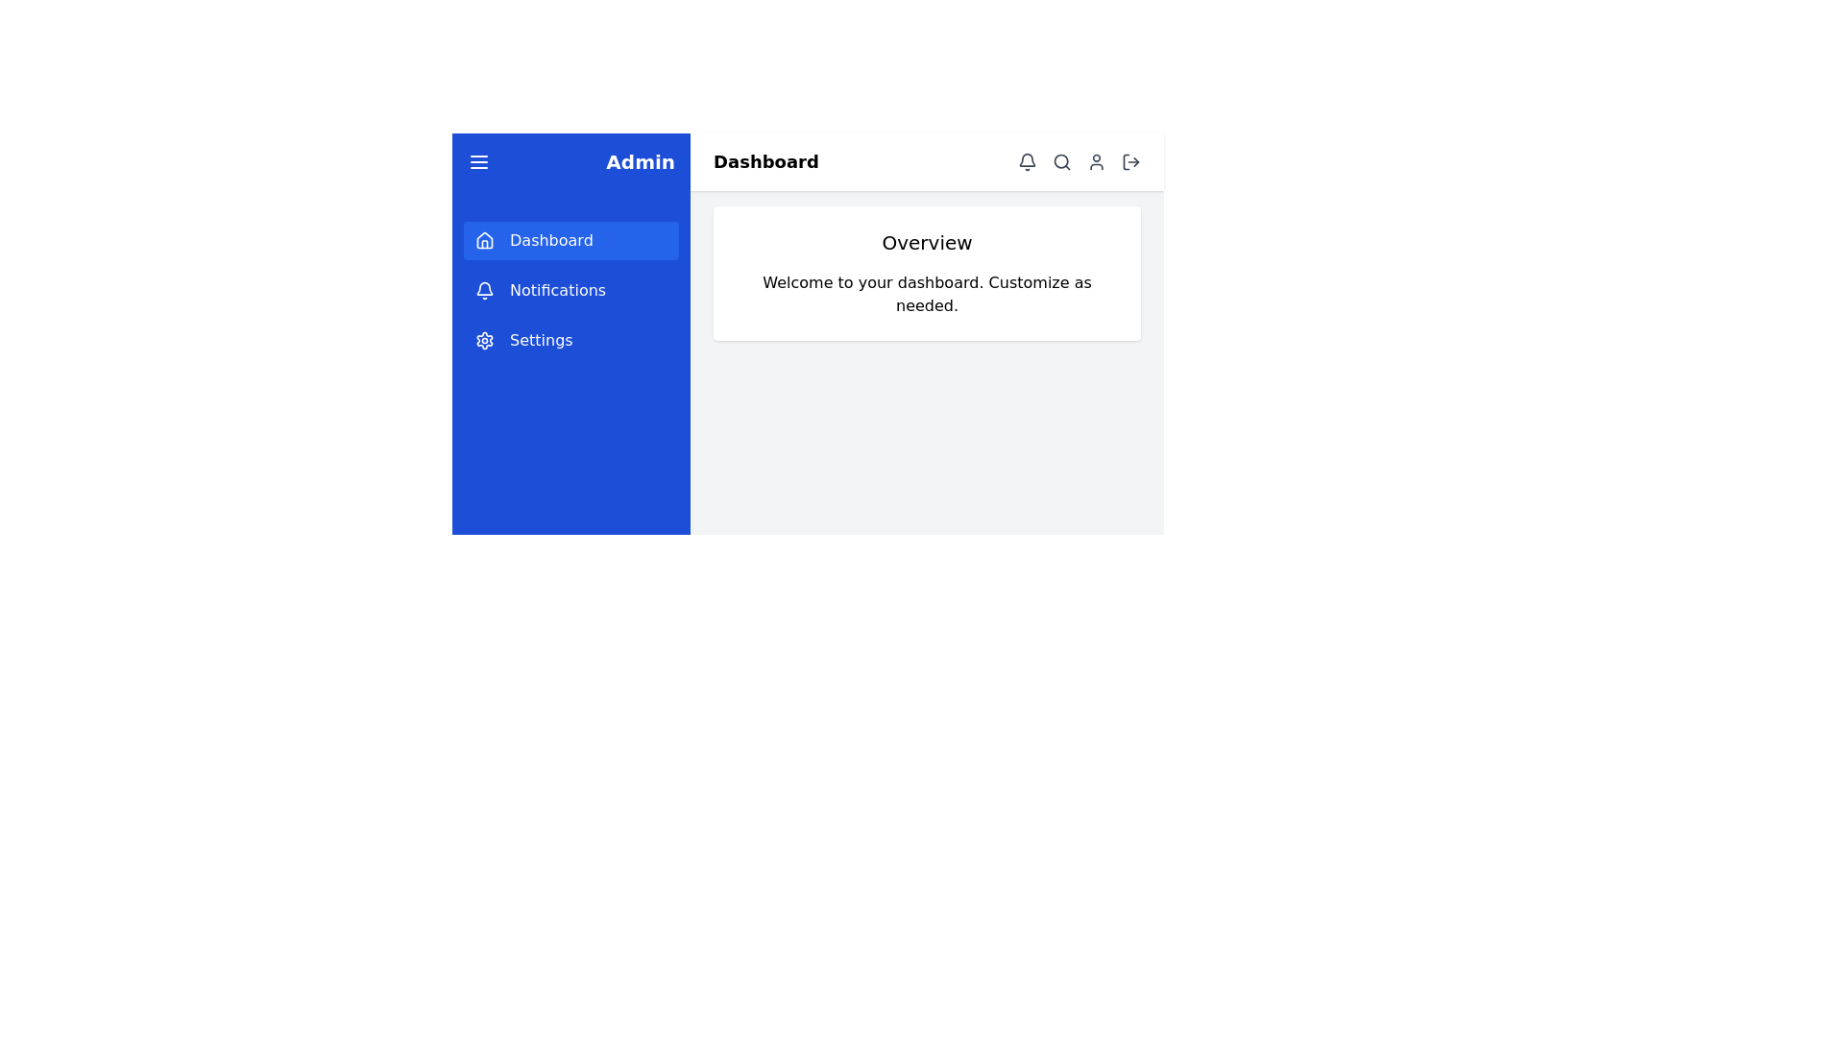 This screenshot has height=1037, width=1844. What do you see at coordinates (570, 239) in the screenshot?
I see `the navigation button with a blue background located in the left panel` at bounding box center [570, 239].